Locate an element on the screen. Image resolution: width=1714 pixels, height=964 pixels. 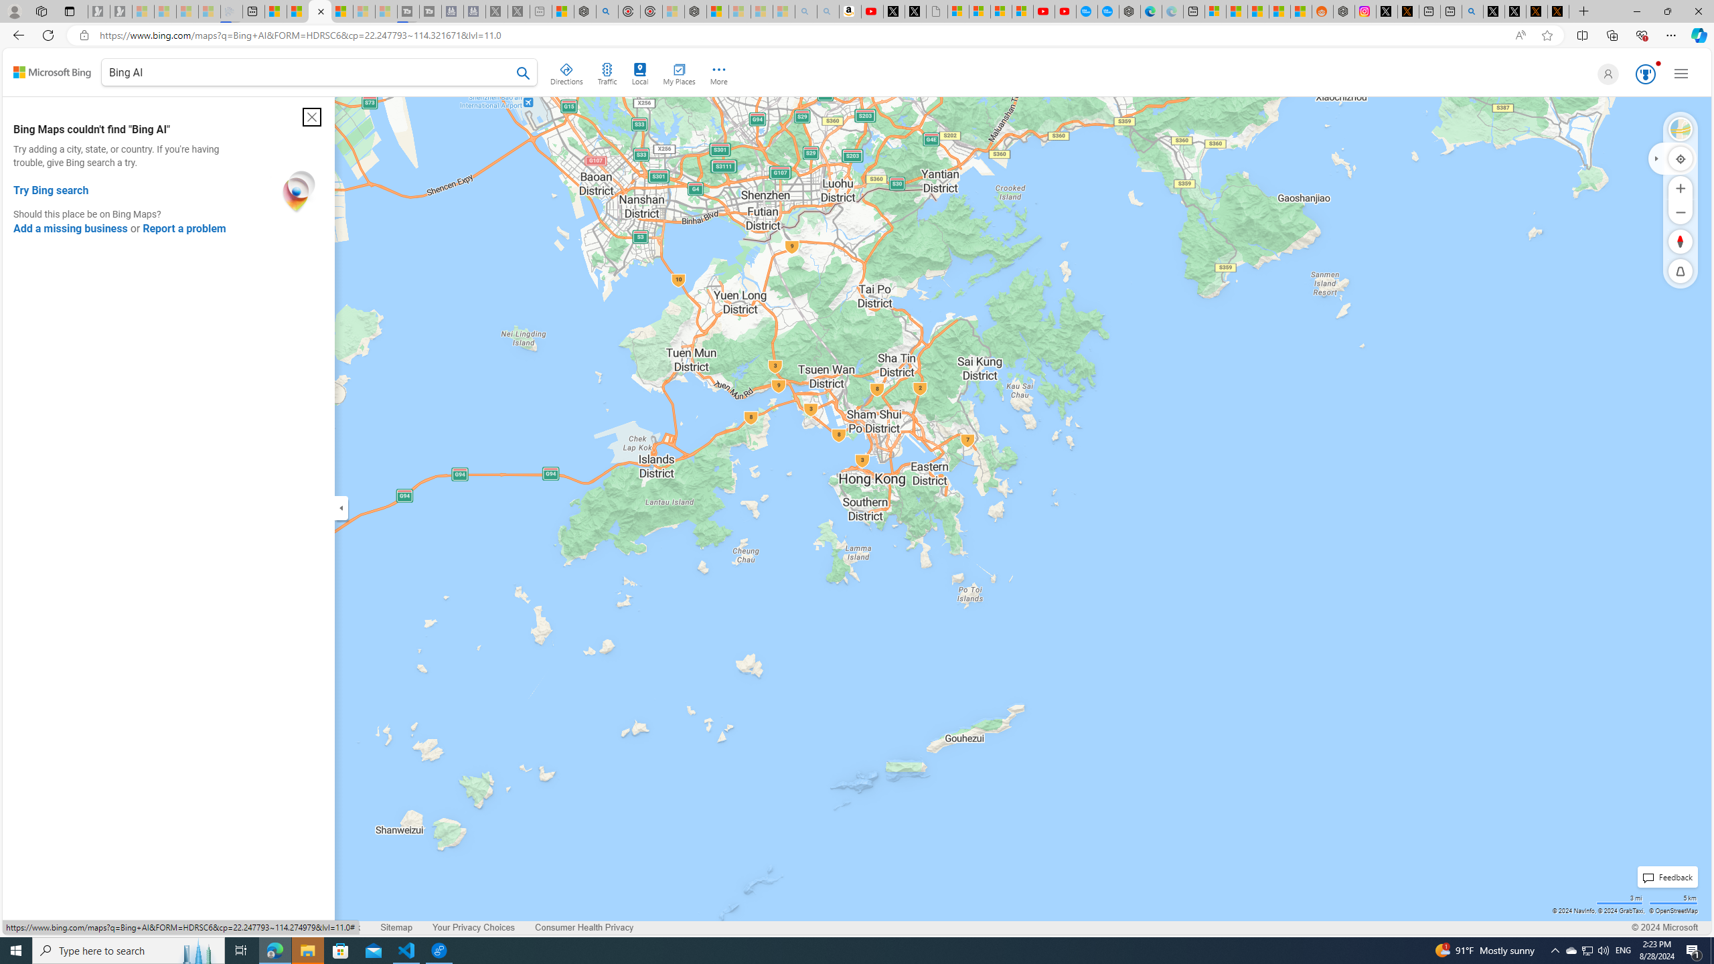
'Profile / X' is located at coordinates (1493, 11).